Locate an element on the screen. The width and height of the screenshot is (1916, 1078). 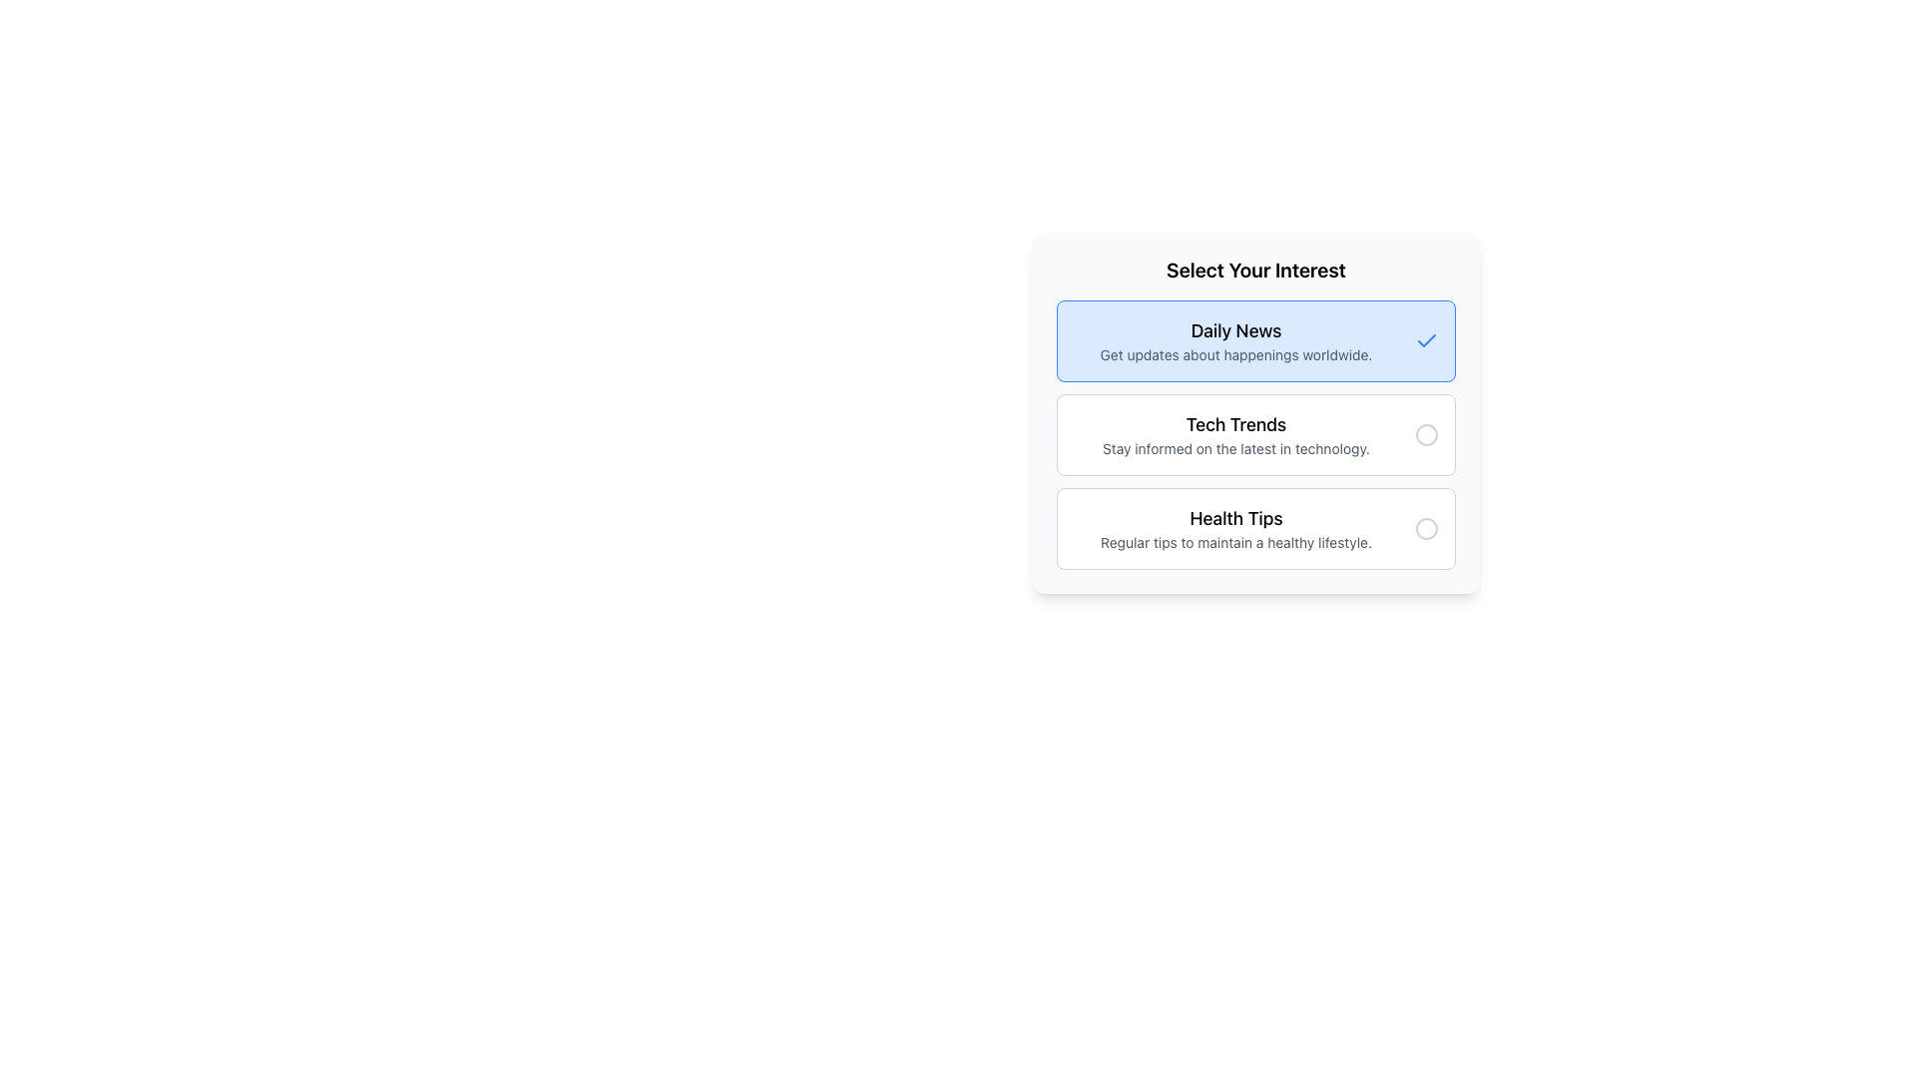
the text element labeled 'Health Tips' which is styled in a bold font and is visually centered in the 'Select Your Interest' section, positioned above the text 'Regular tips to maintain a healthy lifestyle' is located at coordinates (1234, 518).